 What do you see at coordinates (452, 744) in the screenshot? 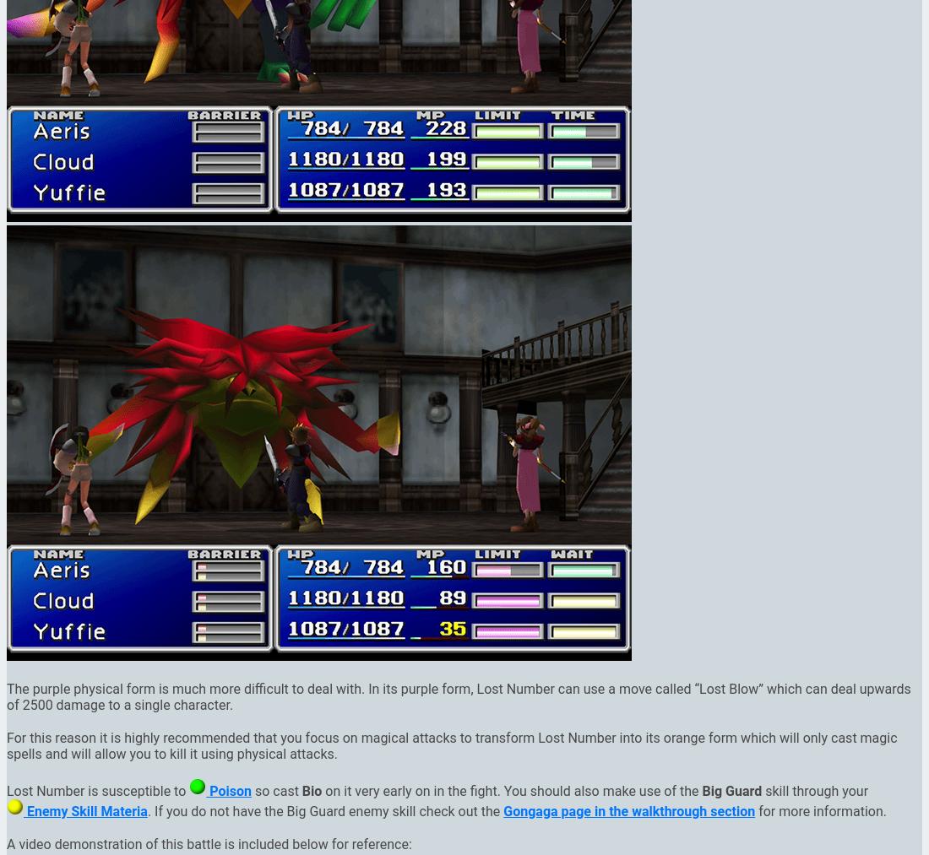
I see `'For this reason it is highly recommended that you focus on magical attacks to transform Lost Number into its orange form which will only cast magic spells and will allow you to kill it using physical attacks.'` at bounding box center [452, 744].